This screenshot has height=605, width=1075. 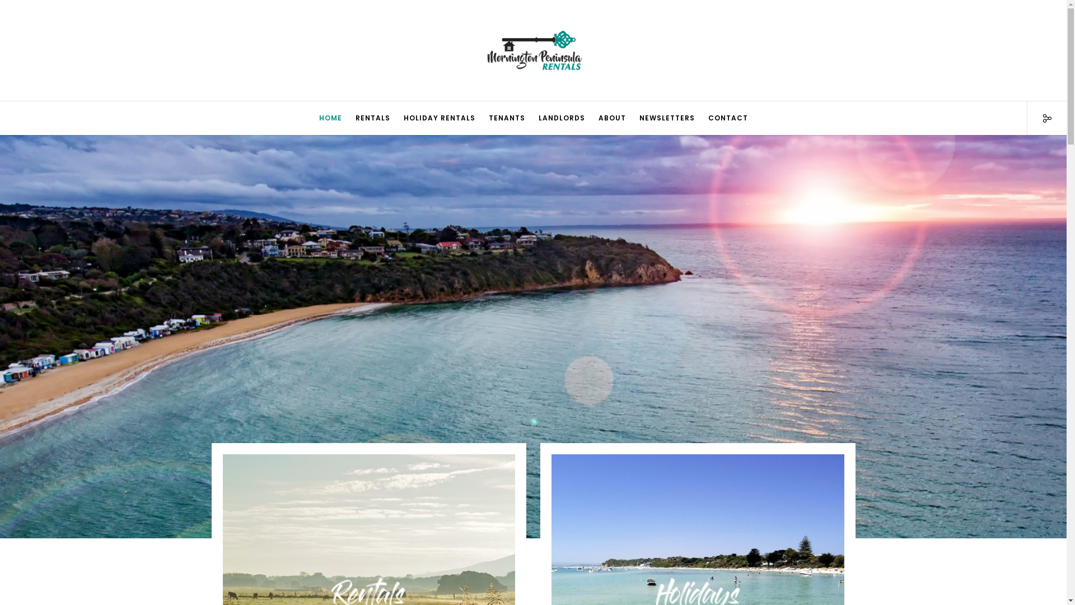 What do you see at coordinates (667, 118) in the screenshot?
I see `'NEWSLETTERS'` at bounding box center [667, 118].